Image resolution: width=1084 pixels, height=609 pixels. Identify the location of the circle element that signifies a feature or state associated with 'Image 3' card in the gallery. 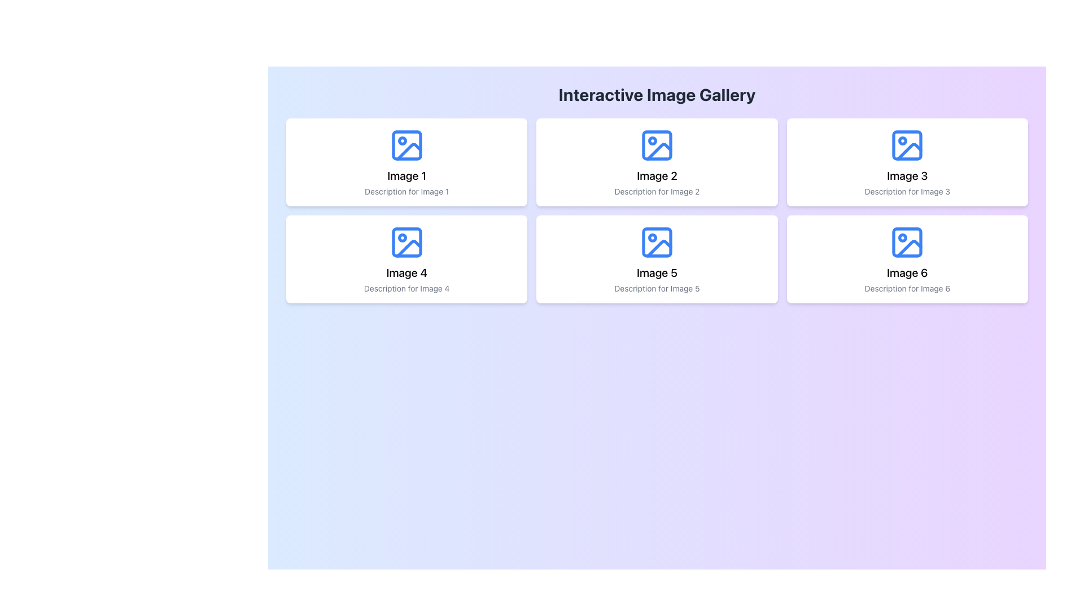
(902, 140).